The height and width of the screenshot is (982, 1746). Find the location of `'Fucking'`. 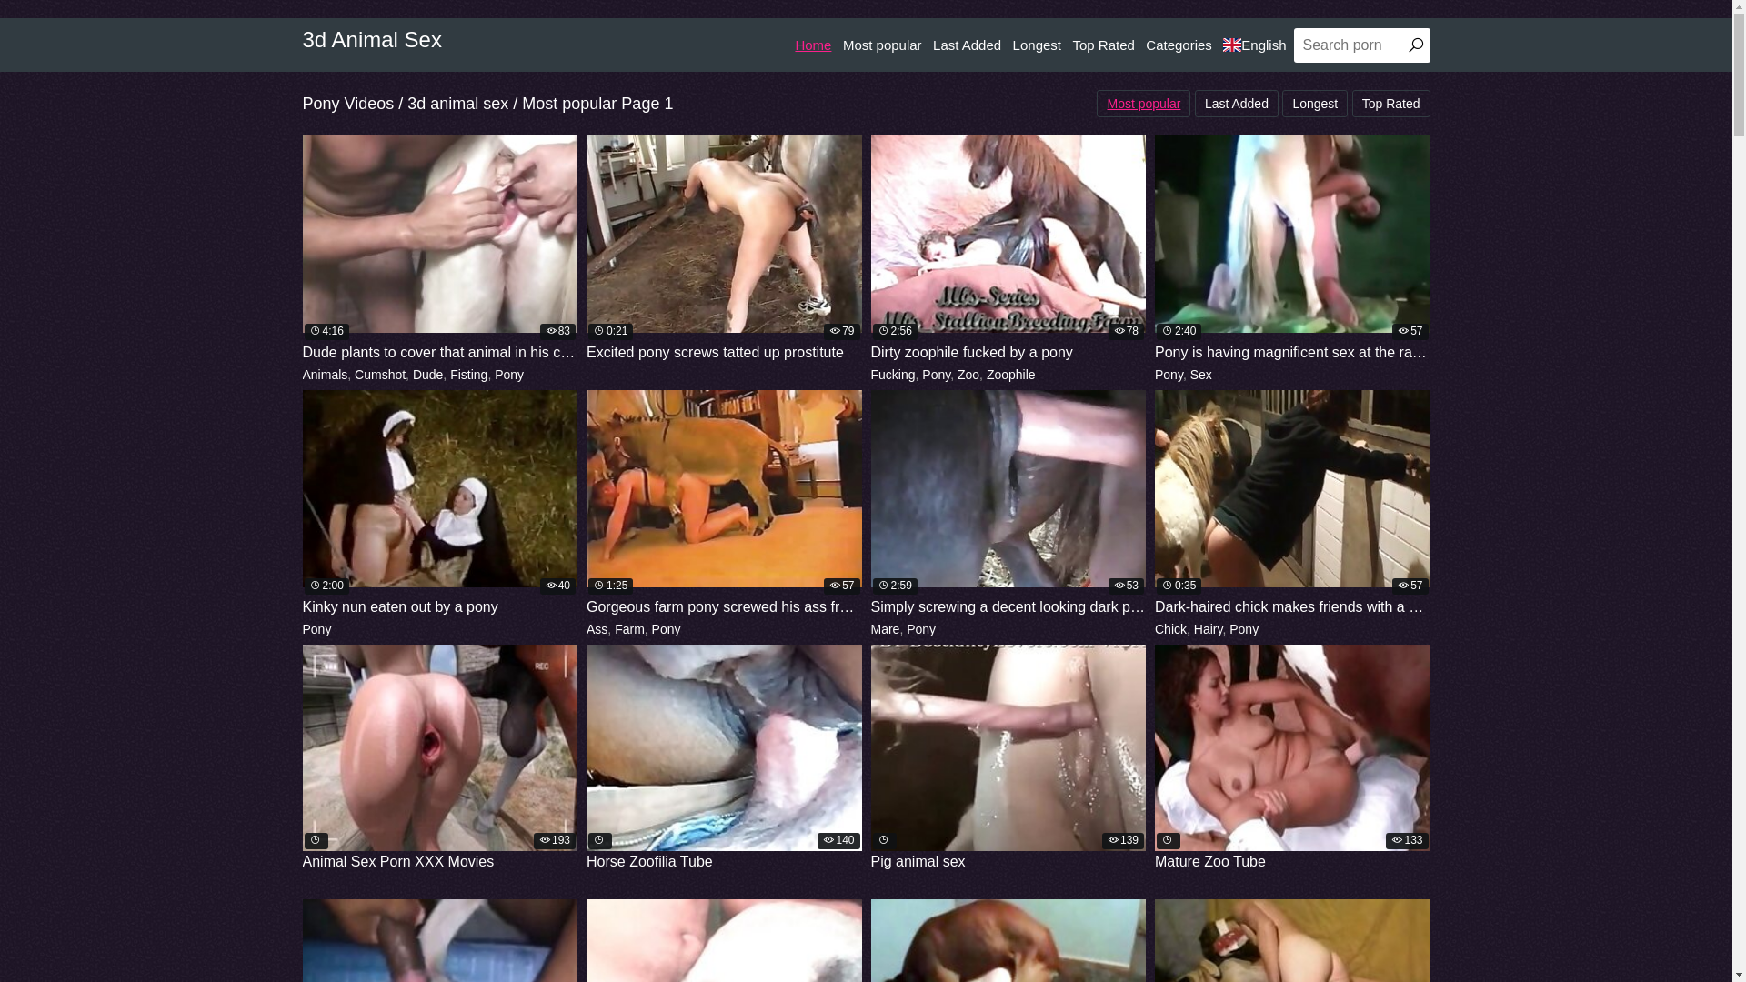

'Fucking' is located at coordinates (893, 374).